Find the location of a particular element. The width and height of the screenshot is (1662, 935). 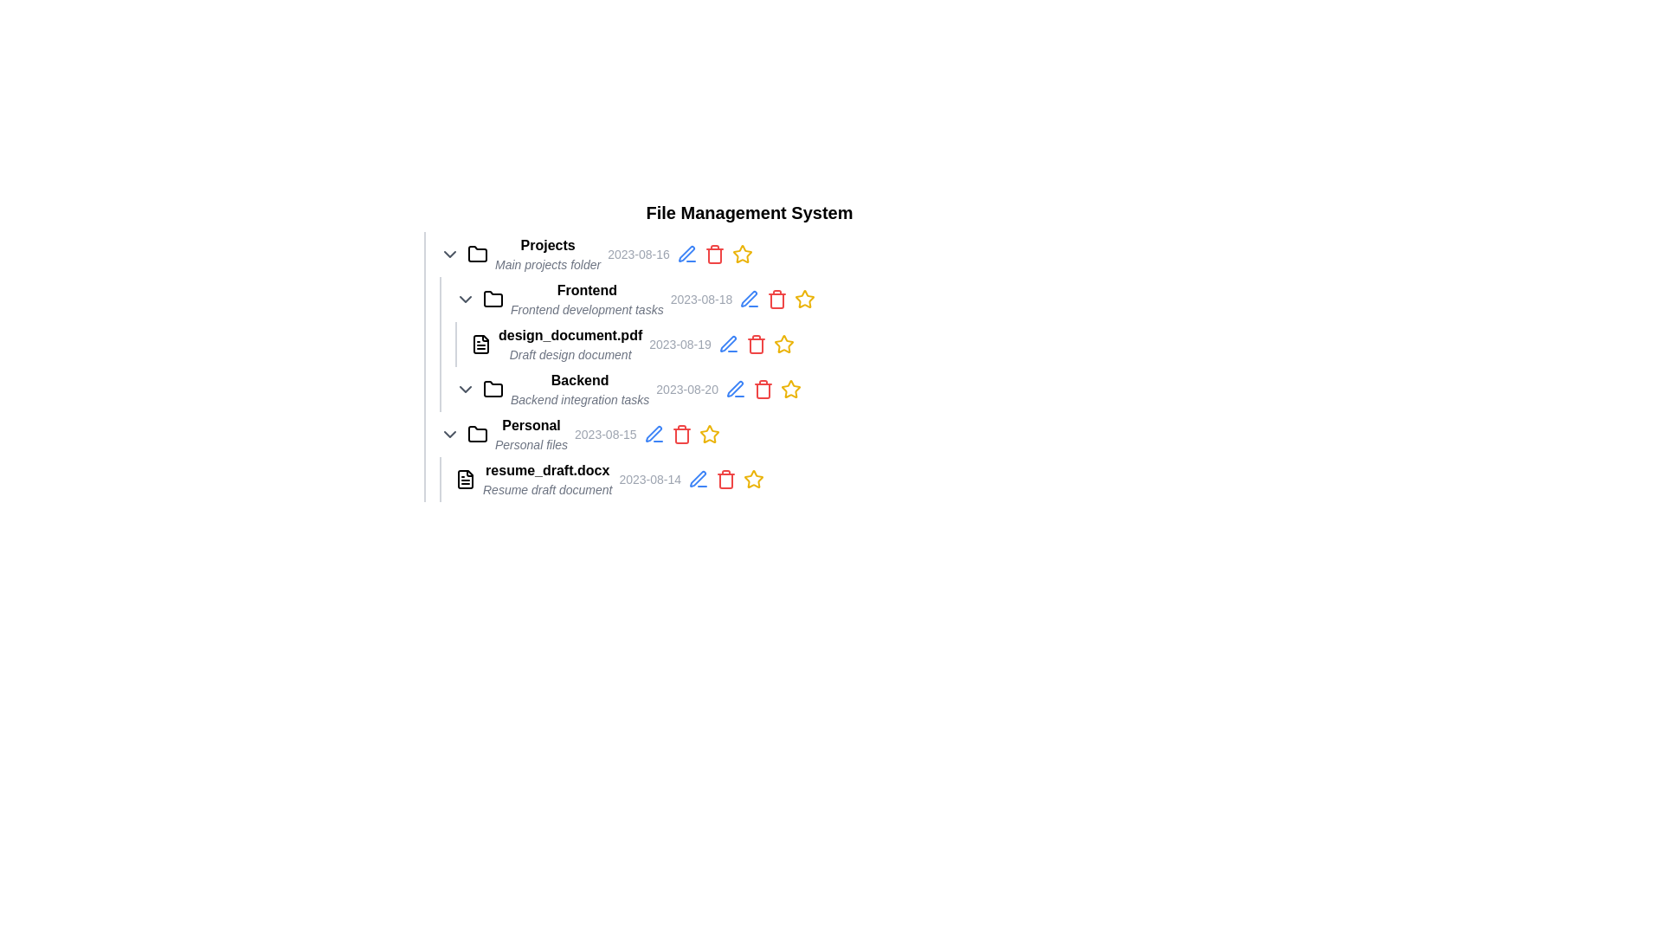

the yellow star icon button located in the toolbar associated with the 'Frontend' folder entry to mark or unmark it as a favorite is located at coordinates (804, 299).